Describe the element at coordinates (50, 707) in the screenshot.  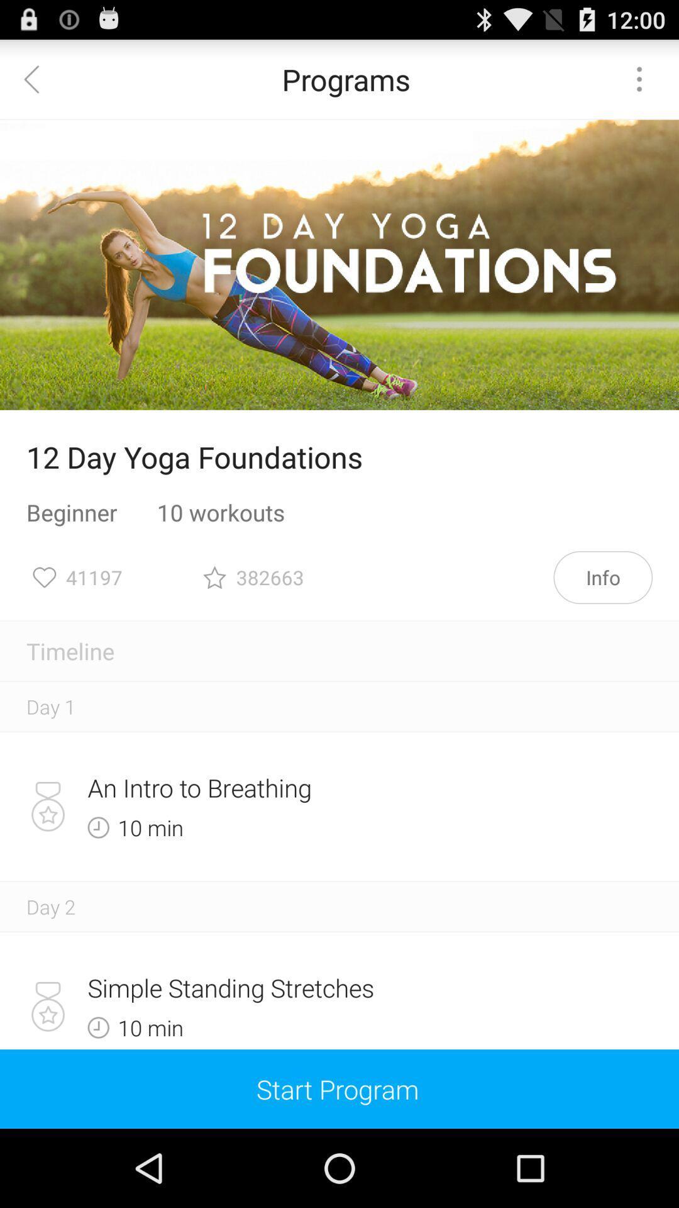
I see `the day 1` at that location.